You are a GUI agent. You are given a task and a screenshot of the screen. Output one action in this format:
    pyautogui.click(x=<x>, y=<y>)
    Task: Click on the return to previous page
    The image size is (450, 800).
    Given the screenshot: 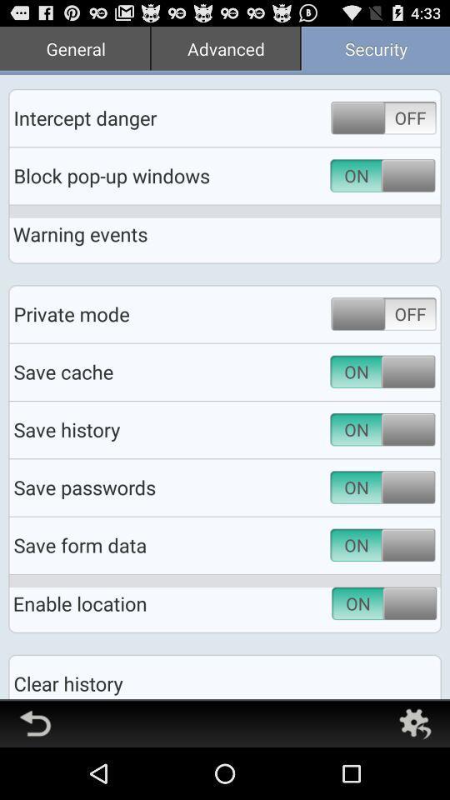 What is the action you would take?
    pyautogui.click(x=35, y=722)
    